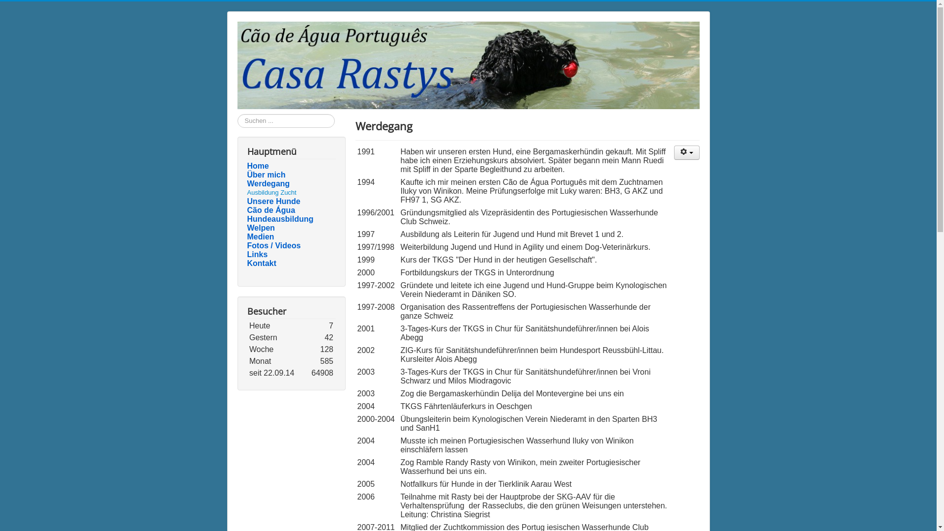 The height and width of the screenshot is (531, 944). What do you see at coordinates (271, 192) in the screenshot?
I see `'Ausbildung Zucht'` at bounding box center [271, 192].